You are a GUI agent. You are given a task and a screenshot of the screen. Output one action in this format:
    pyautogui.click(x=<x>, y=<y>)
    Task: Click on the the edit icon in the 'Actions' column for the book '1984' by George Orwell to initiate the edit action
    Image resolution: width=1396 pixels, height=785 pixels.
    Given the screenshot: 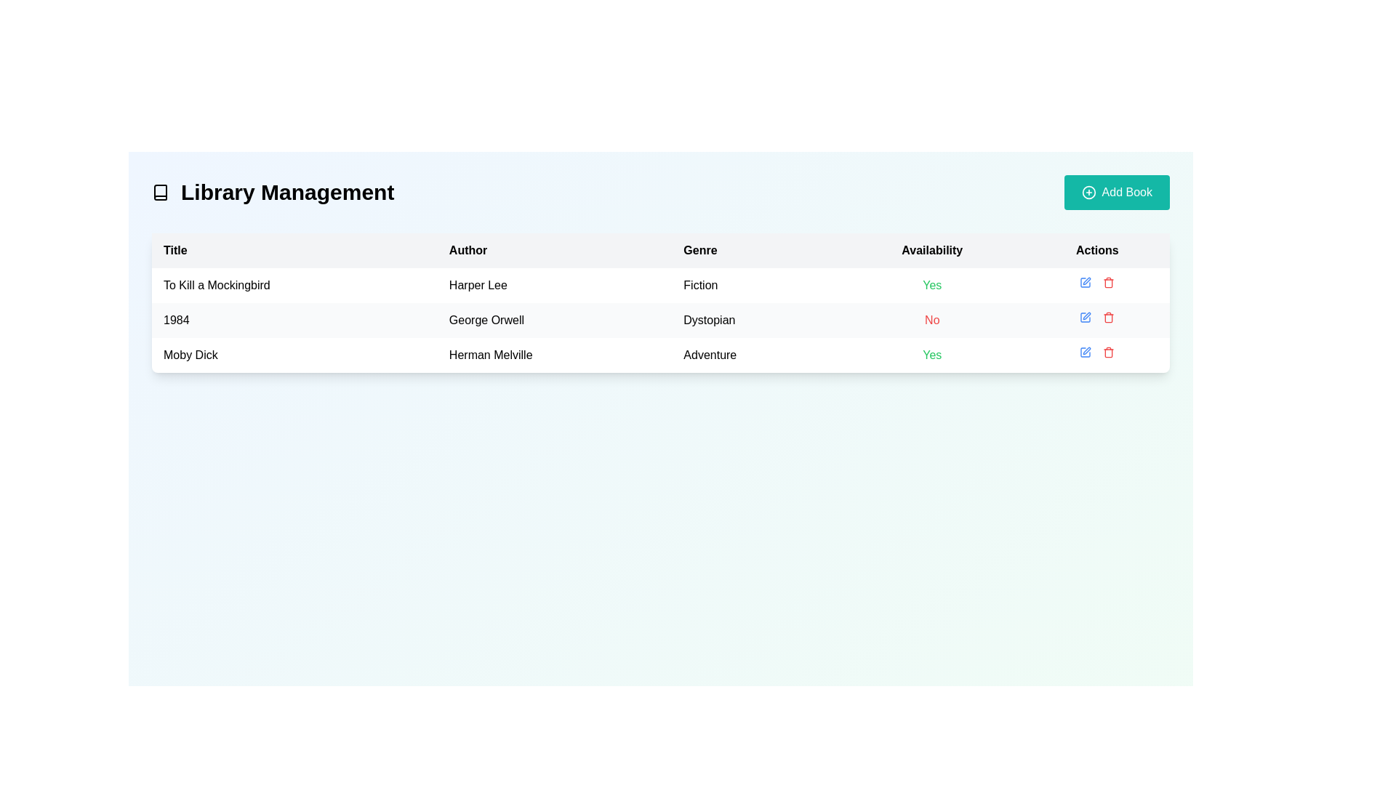 What is the action you would take?
    pyautogui.click(x=1087, y=281)
    